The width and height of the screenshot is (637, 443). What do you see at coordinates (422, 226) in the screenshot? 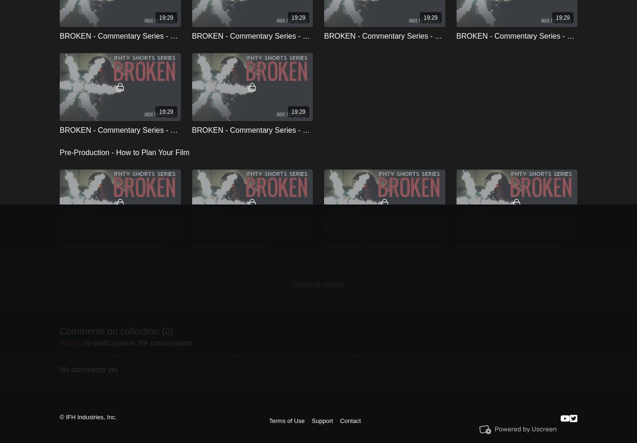
I see `'01:26'` at bounding box center [422, 226].